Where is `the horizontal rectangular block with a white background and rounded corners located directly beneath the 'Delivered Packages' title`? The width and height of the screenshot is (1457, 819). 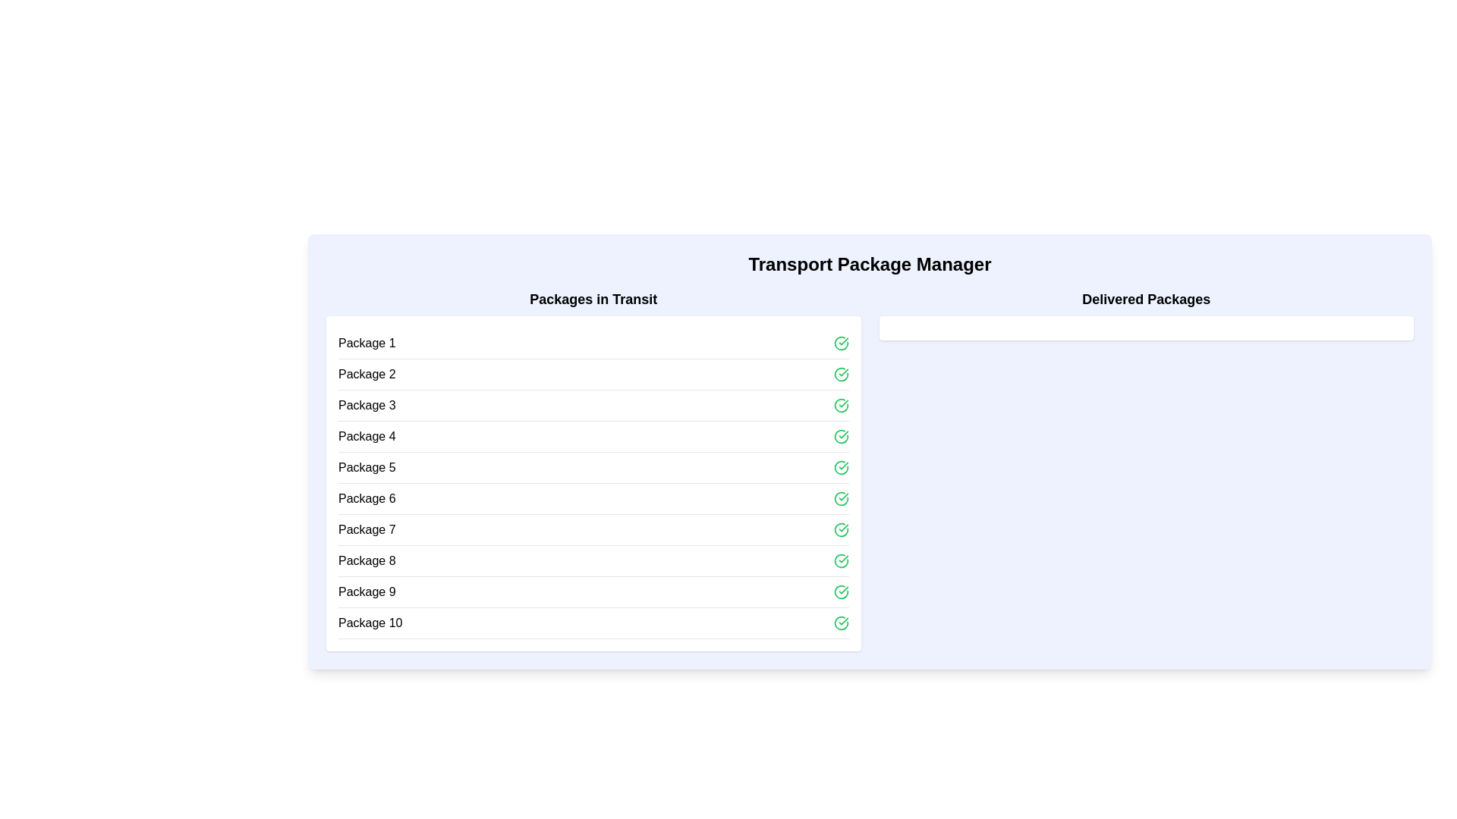 the horizontal rectangular block with a white background and rounded corners located directly beneath the 'Delivered Packages' title is located at coordinates (1146, 327).